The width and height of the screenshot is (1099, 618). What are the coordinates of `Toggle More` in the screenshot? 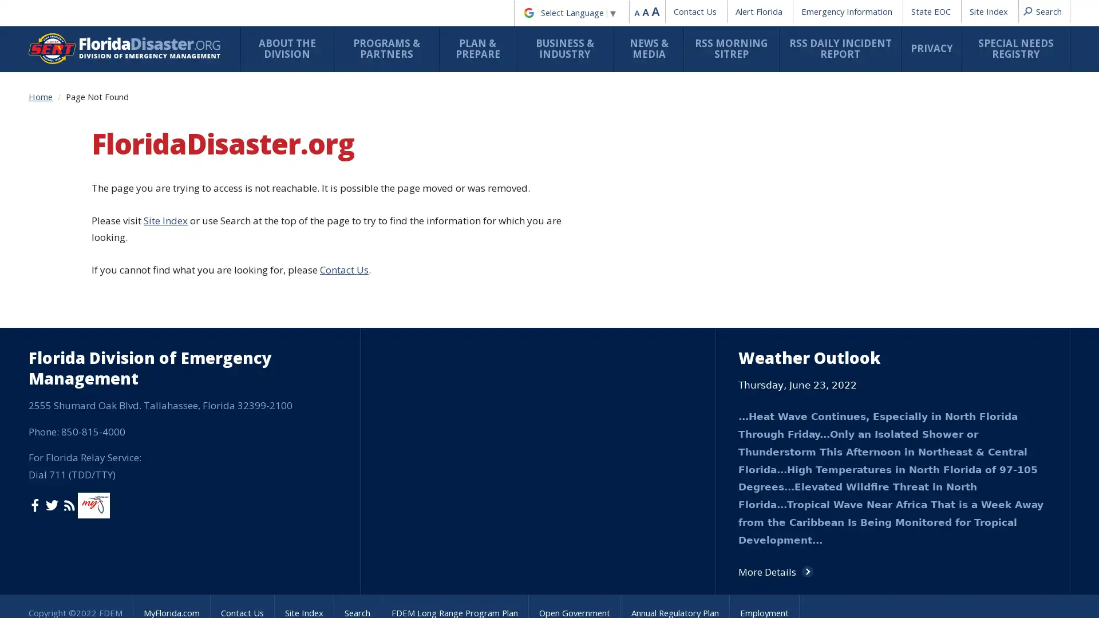 It's located at (458, 393).